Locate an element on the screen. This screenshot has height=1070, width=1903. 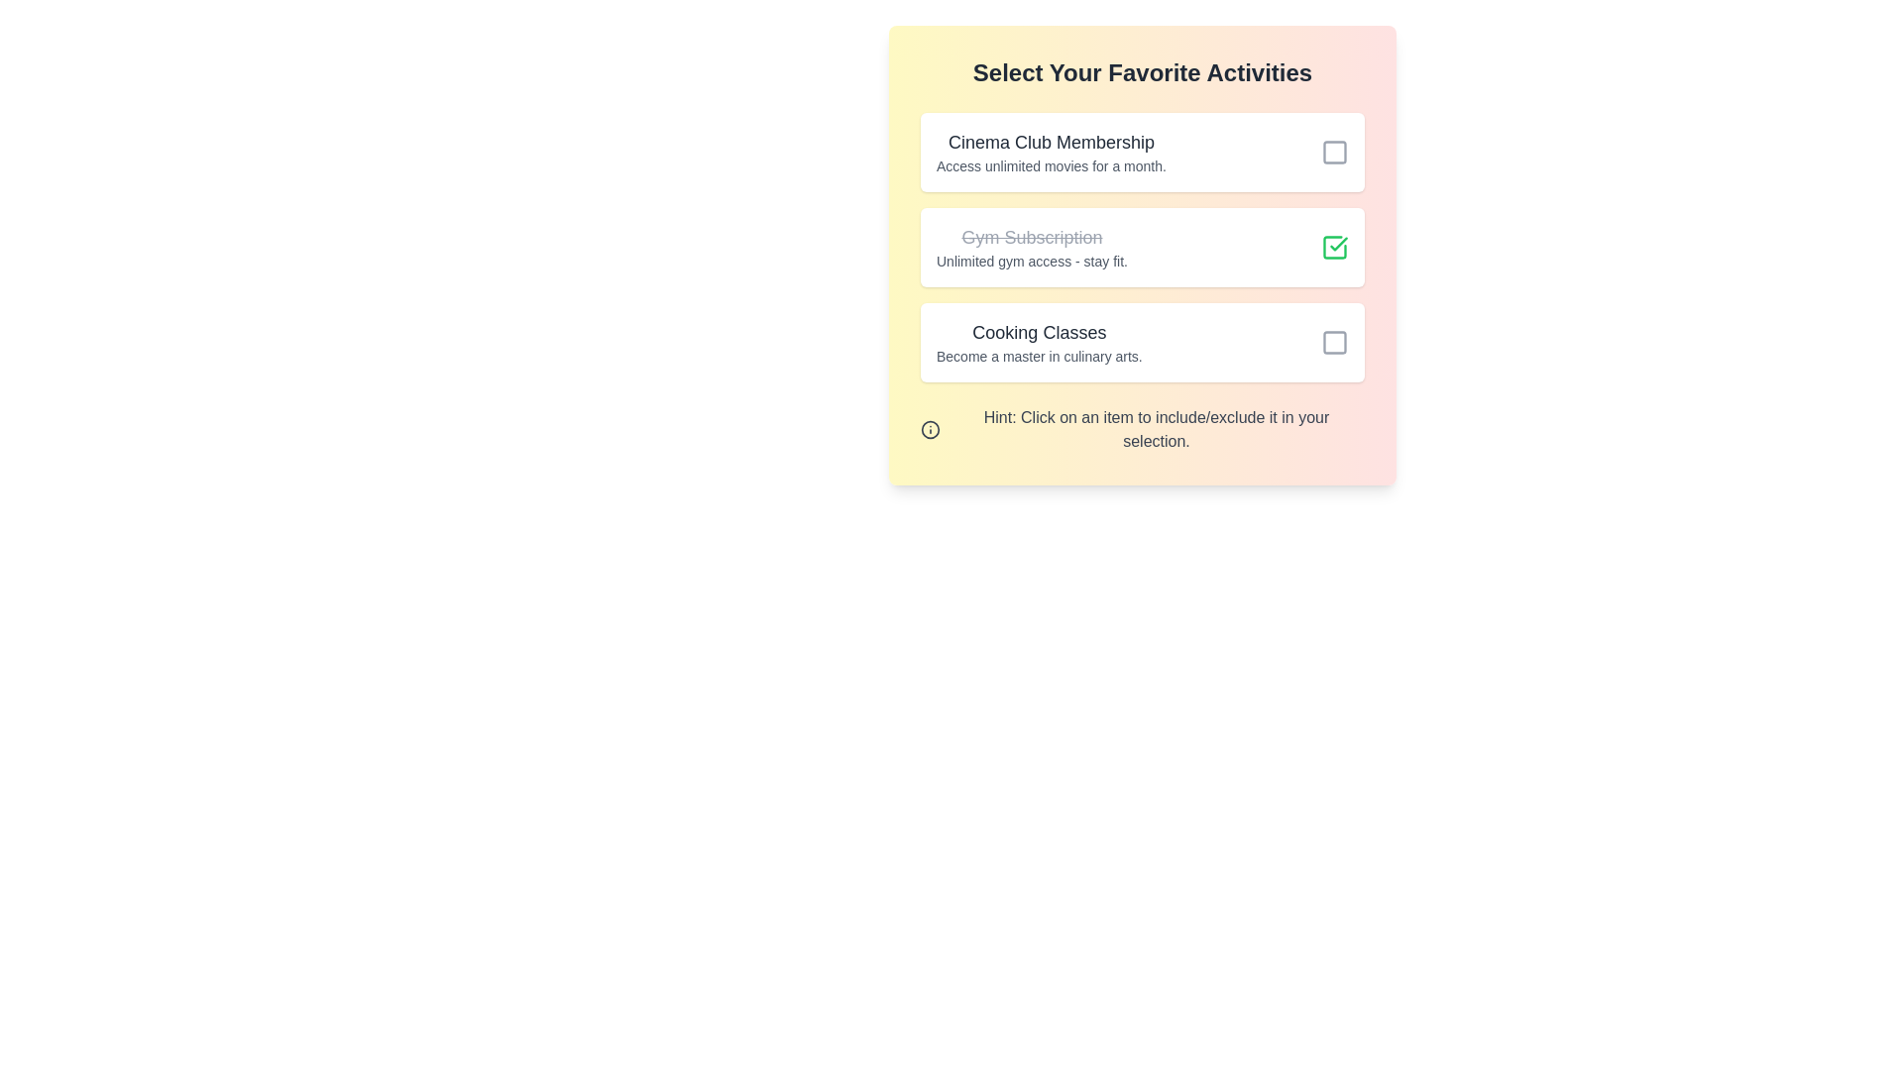
the 'Gym Subscription' selectable tile is located at coordinates (1142, 247).